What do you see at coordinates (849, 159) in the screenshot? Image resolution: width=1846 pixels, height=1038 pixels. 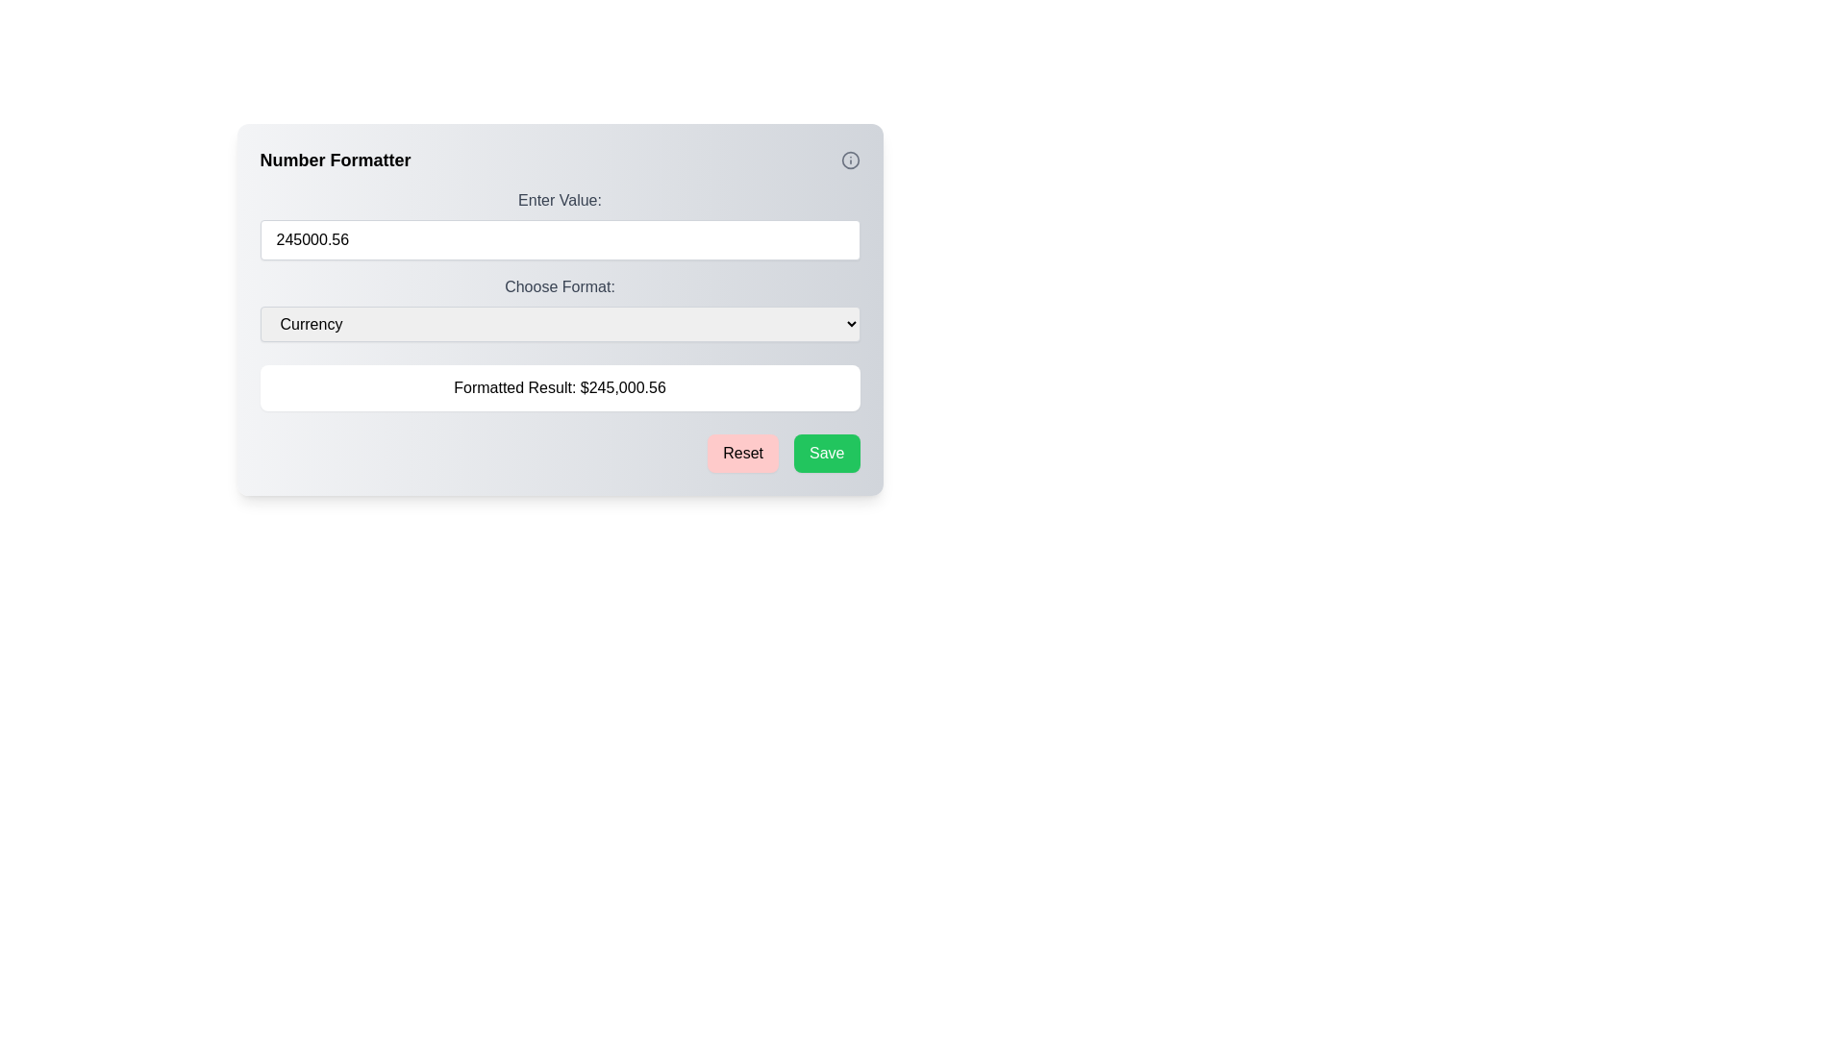 I see `the Information icon located in the top-right corner of the 'Number Formatter' header, adjacent to the text 'Number Formatter'` at bounding box center [849, 159].